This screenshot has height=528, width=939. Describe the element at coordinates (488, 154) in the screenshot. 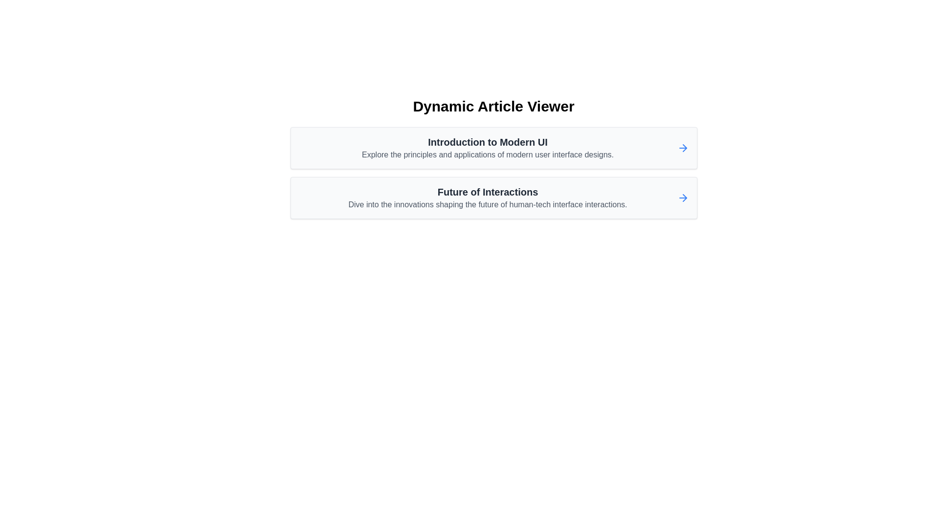

I see `the text label that reads 'Explore the principles and applications of modern user interface designs.' which is styled in light gray and positioned beneath the heading 'Introduction to Modern UI'` at that location.